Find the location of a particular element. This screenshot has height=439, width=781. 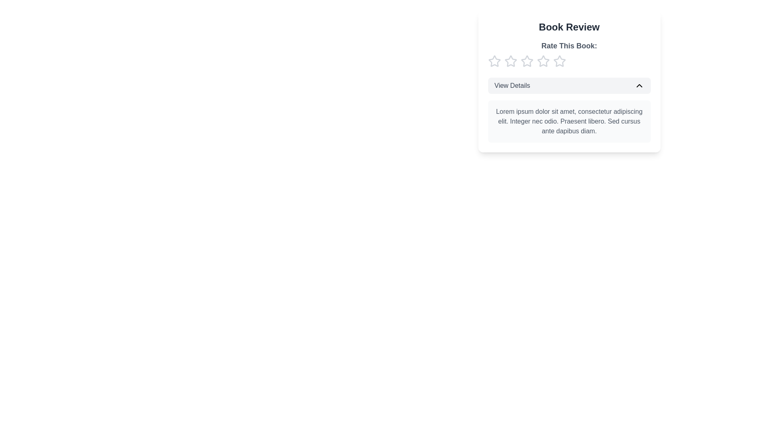

the first star icon for rating located under the subtitle 'Rate This Book:' is located at coordinates (510, 61).